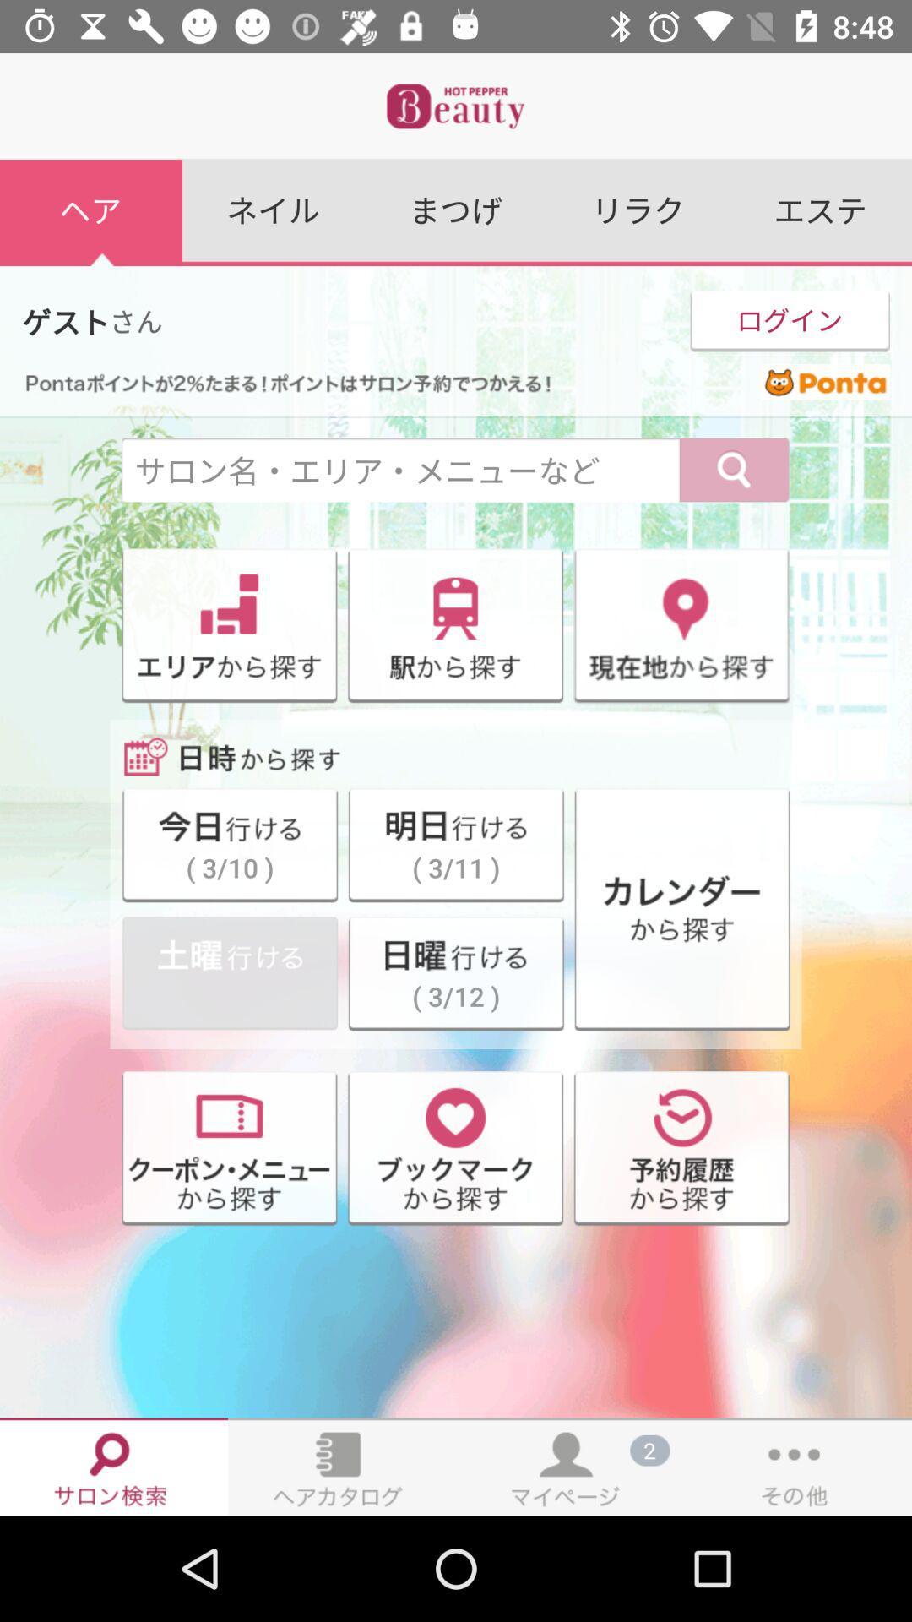 Image resolution: width=912 pixels, height=1622 pixels. I want to click on the search icon, so click(734, 471).